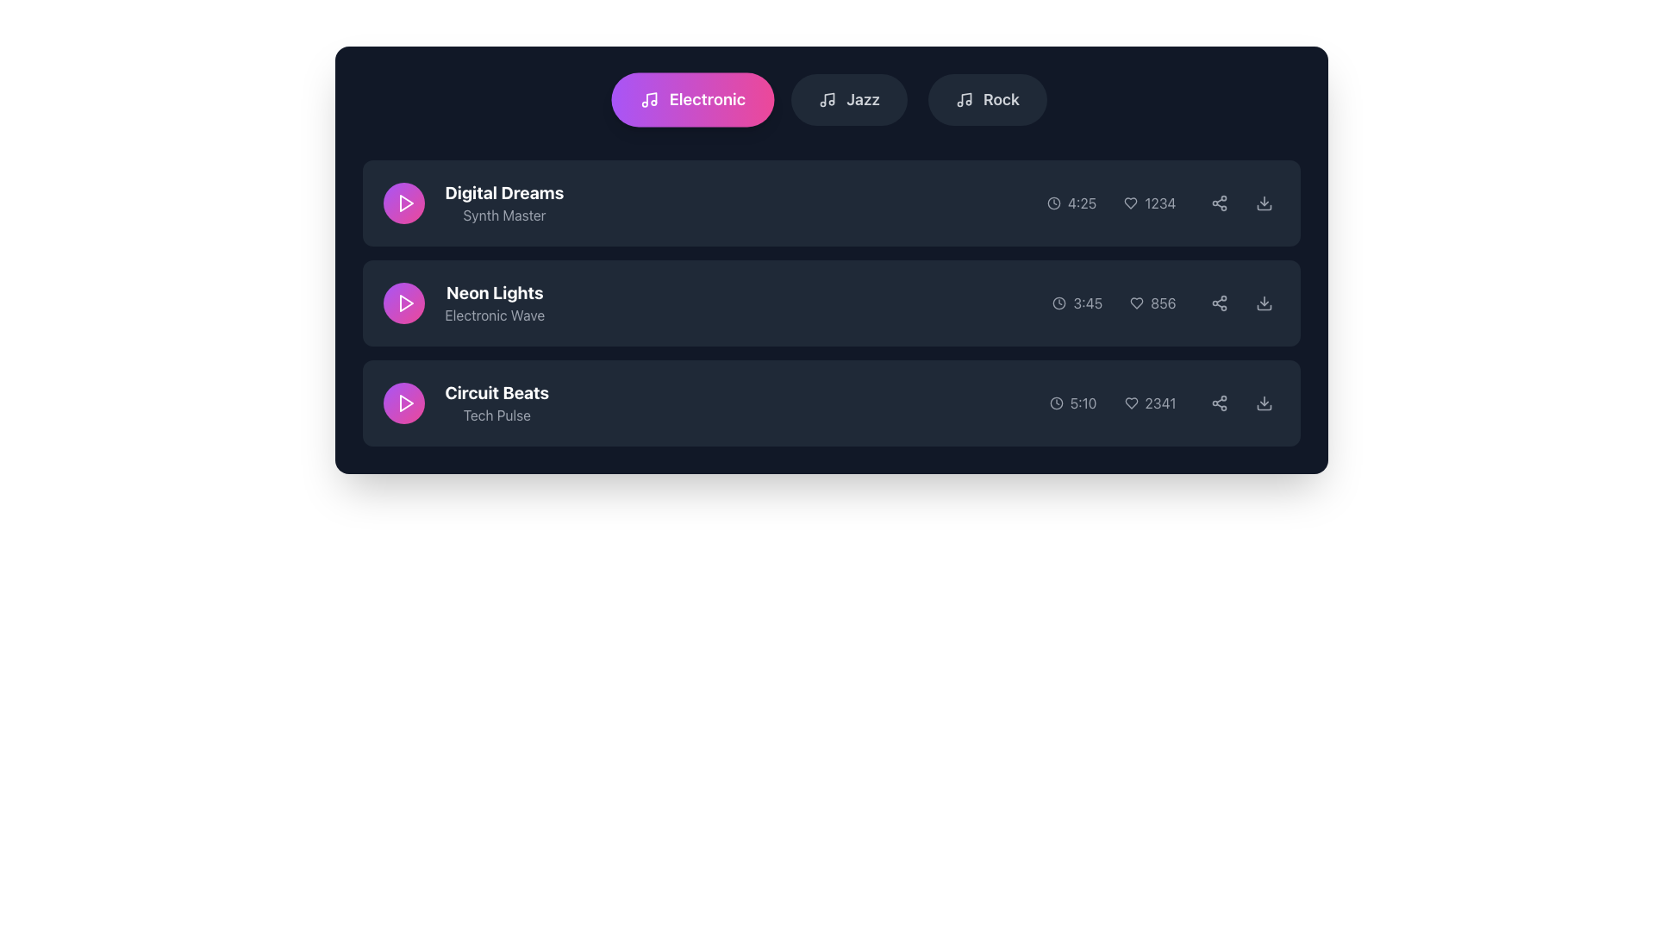 This screenshot has width=1655, height=931. Describe the element at coordinates (1264, 302) in the screenshot. I see `the download button located at the rightmost side of the second row in the song list interface` at that location.